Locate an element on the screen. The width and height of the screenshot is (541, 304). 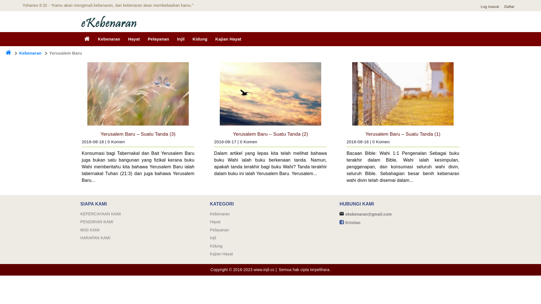
'Kebenaran' is located at coordinates (219, 214).